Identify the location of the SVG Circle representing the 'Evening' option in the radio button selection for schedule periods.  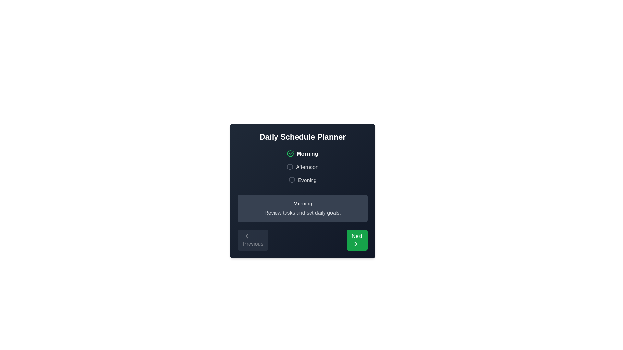
(292, 180).